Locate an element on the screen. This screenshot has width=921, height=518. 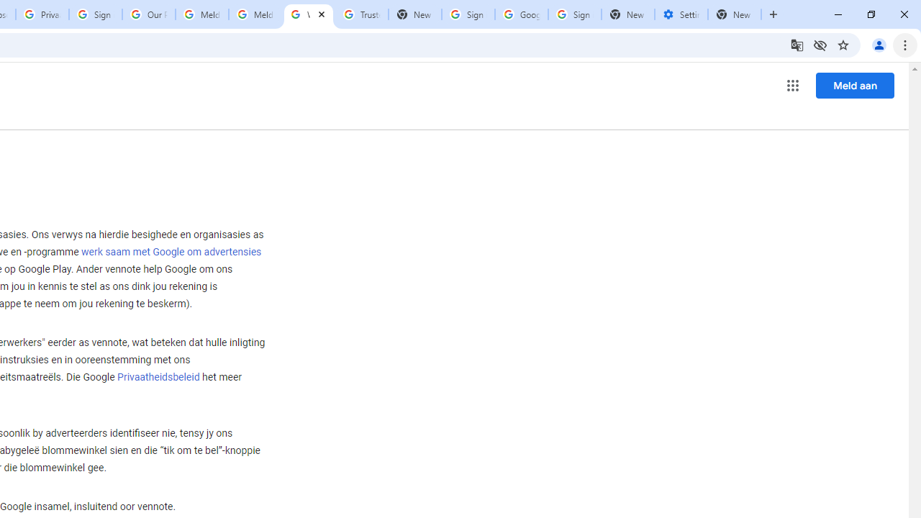
'Sign in - Google Accounts' is located at coordinates (95, 14).